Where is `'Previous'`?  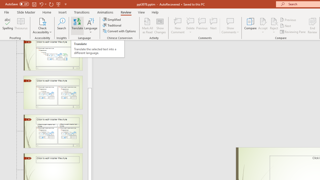 'Previous' is located at coordinates (288, 19).